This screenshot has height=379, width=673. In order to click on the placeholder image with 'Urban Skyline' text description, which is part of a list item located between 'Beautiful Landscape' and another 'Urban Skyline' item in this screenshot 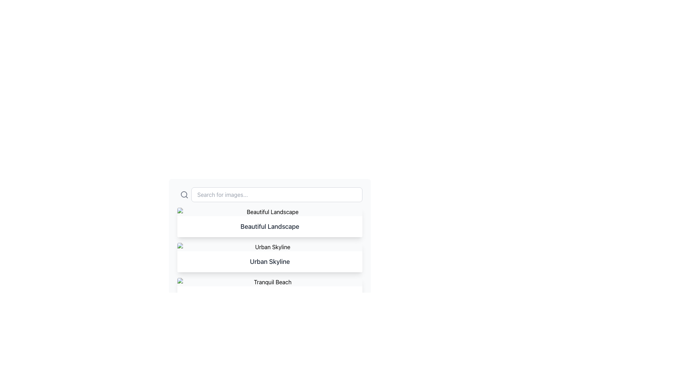, I will do `click(269, 247)`.